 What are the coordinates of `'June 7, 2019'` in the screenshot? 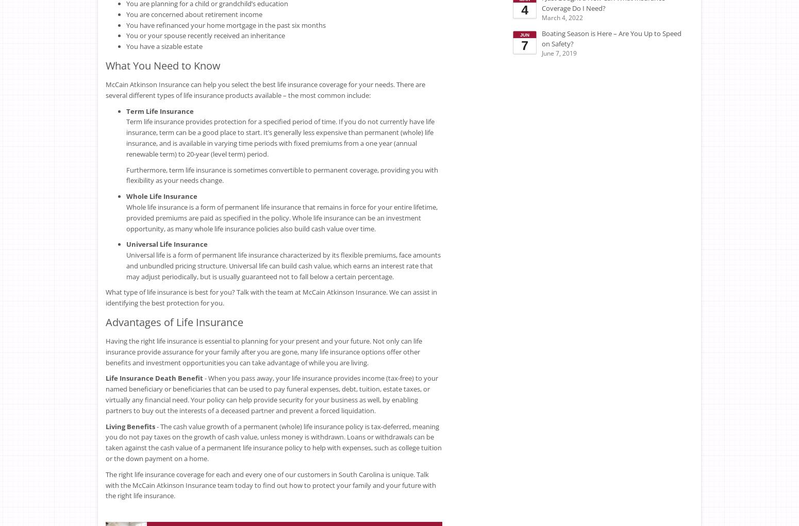 It's located at (559, 53).